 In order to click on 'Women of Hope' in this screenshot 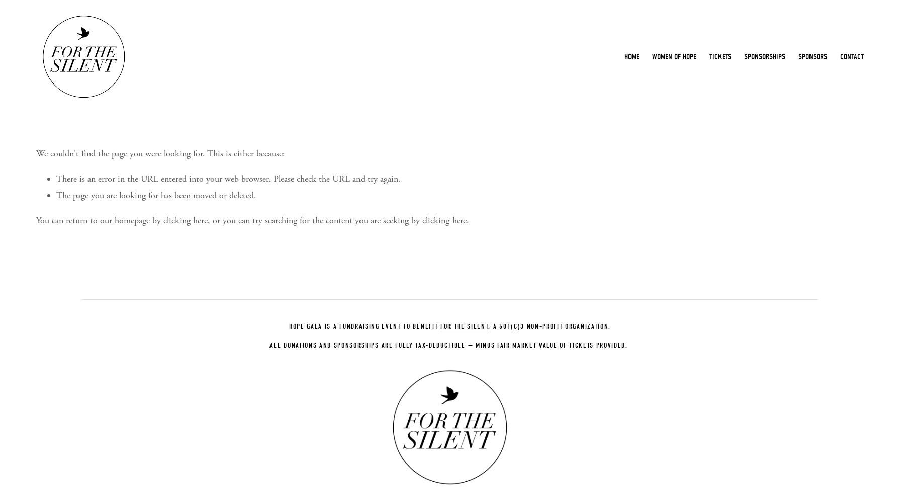, I will do `click(652, 56)`.